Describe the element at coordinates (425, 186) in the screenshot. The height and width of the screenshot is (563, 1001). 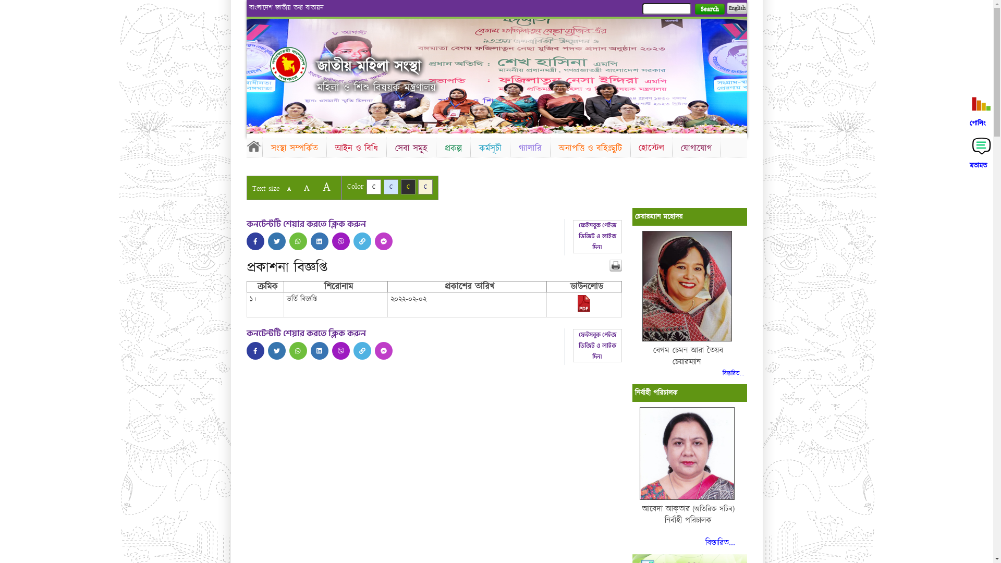
I see `'C'` at that location.